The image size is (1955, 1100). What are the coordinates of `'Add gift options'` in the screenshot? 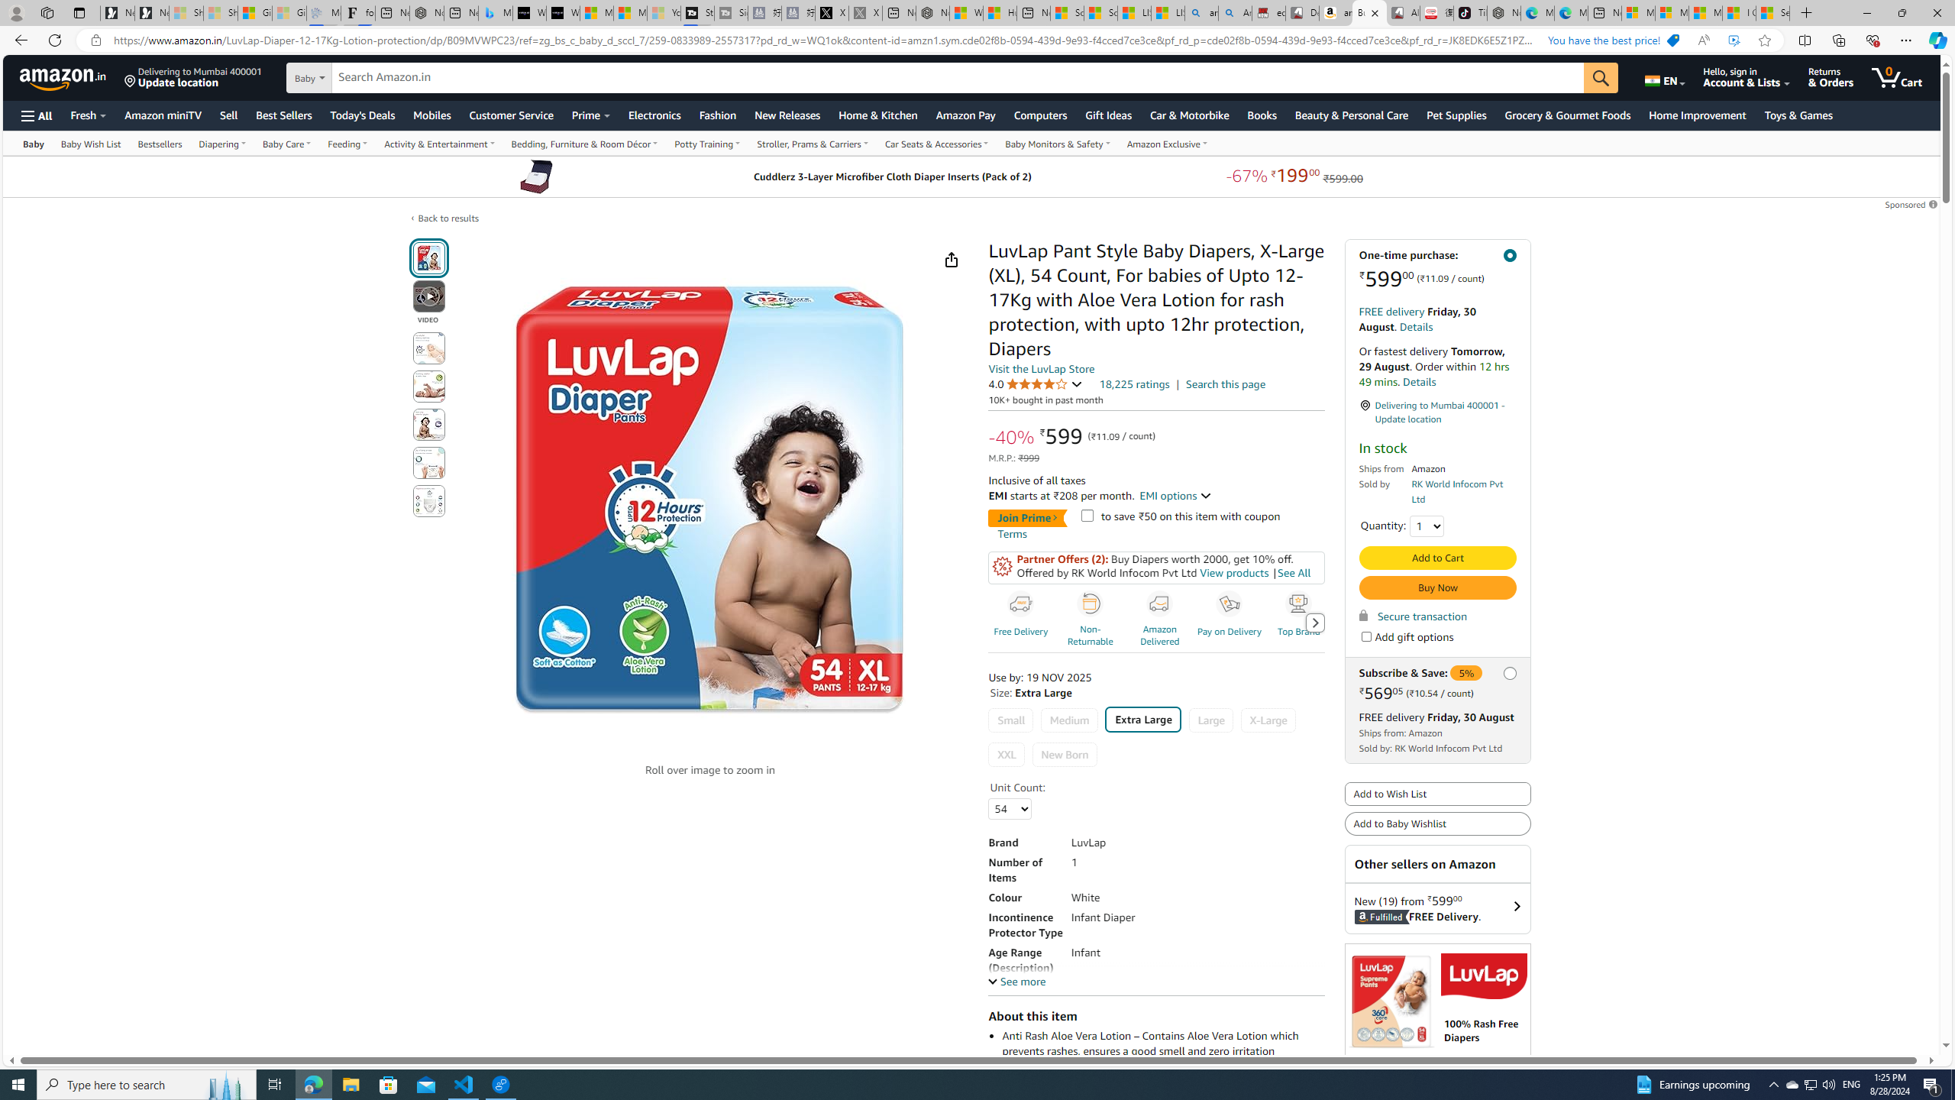 It's located at (1366, 636).